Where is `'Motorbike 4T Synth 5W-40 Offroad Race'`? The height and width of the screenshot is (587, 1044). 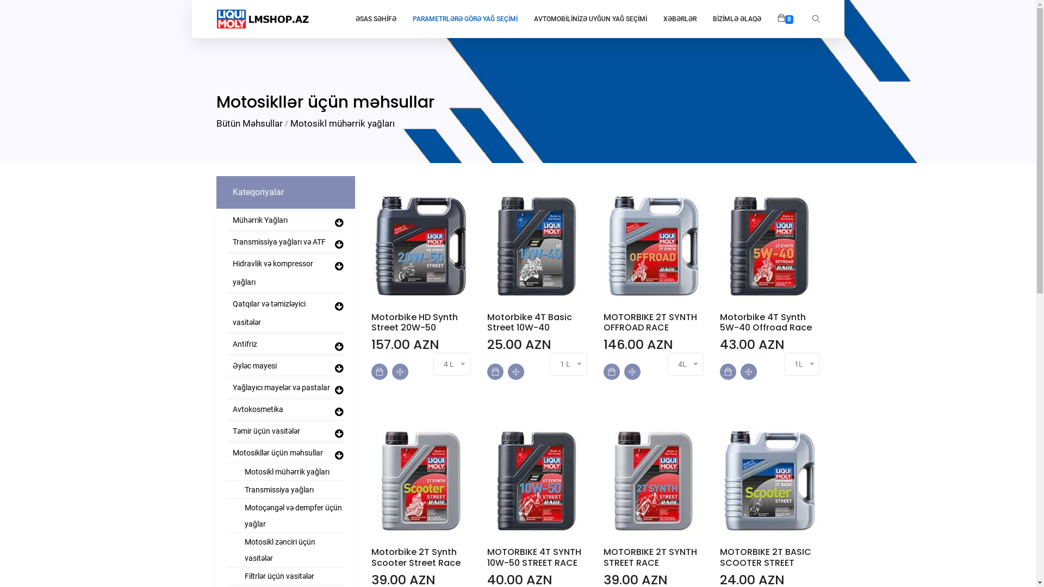
'Motorbike 4T Synth 5W-40 Offroad Race' is located at coordinates (720, 322).